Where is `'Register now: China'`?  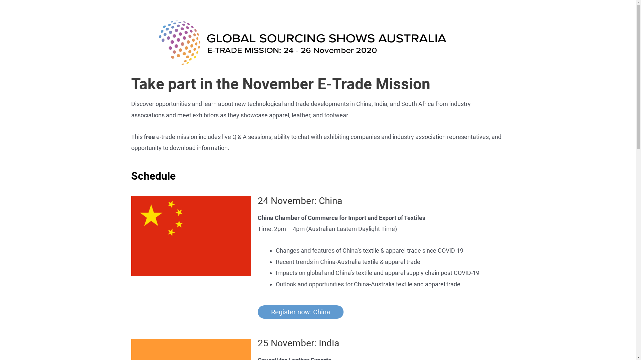
'Register now: China' is located at coordinates (300, 312).